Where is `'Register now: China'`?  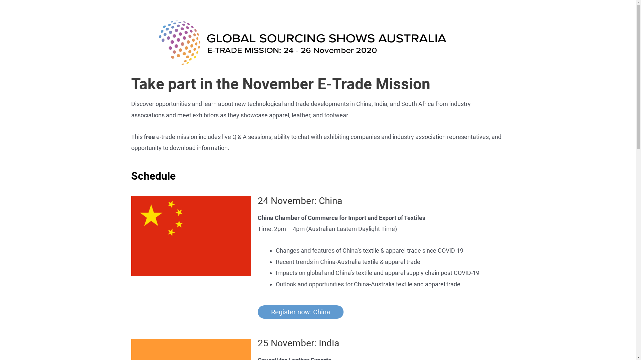
'Register now: China' is located at coordinates (300, 312).